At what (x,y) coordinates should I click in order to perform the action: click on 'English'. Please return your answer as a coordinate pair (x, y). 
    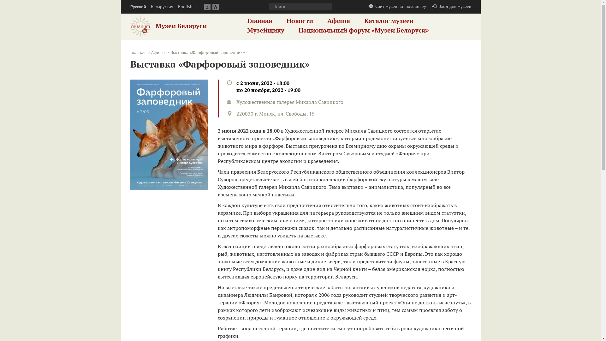
    Looking at the image, I should click on (185, 7).